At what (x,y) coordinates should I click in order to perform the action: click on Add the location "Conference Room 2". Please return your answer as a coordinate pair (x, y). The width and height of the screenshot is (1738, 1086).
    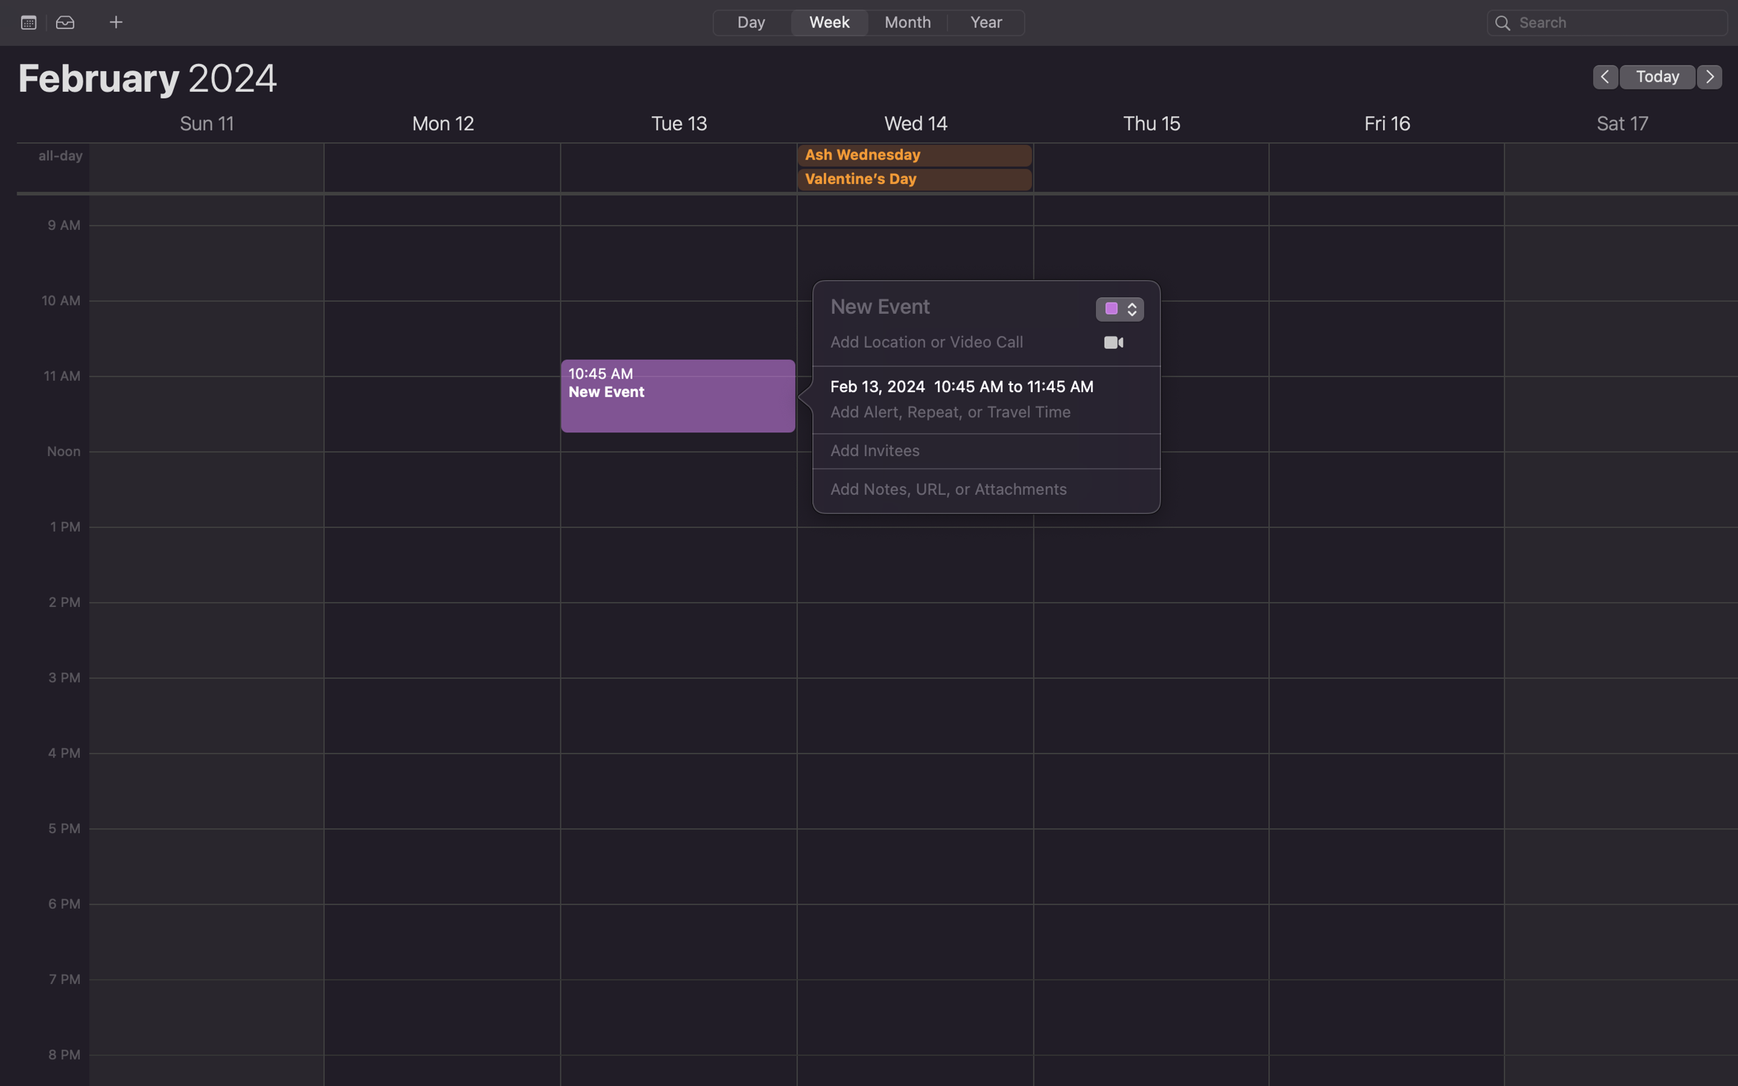
    Looking at the image, I should click on (952, 347).